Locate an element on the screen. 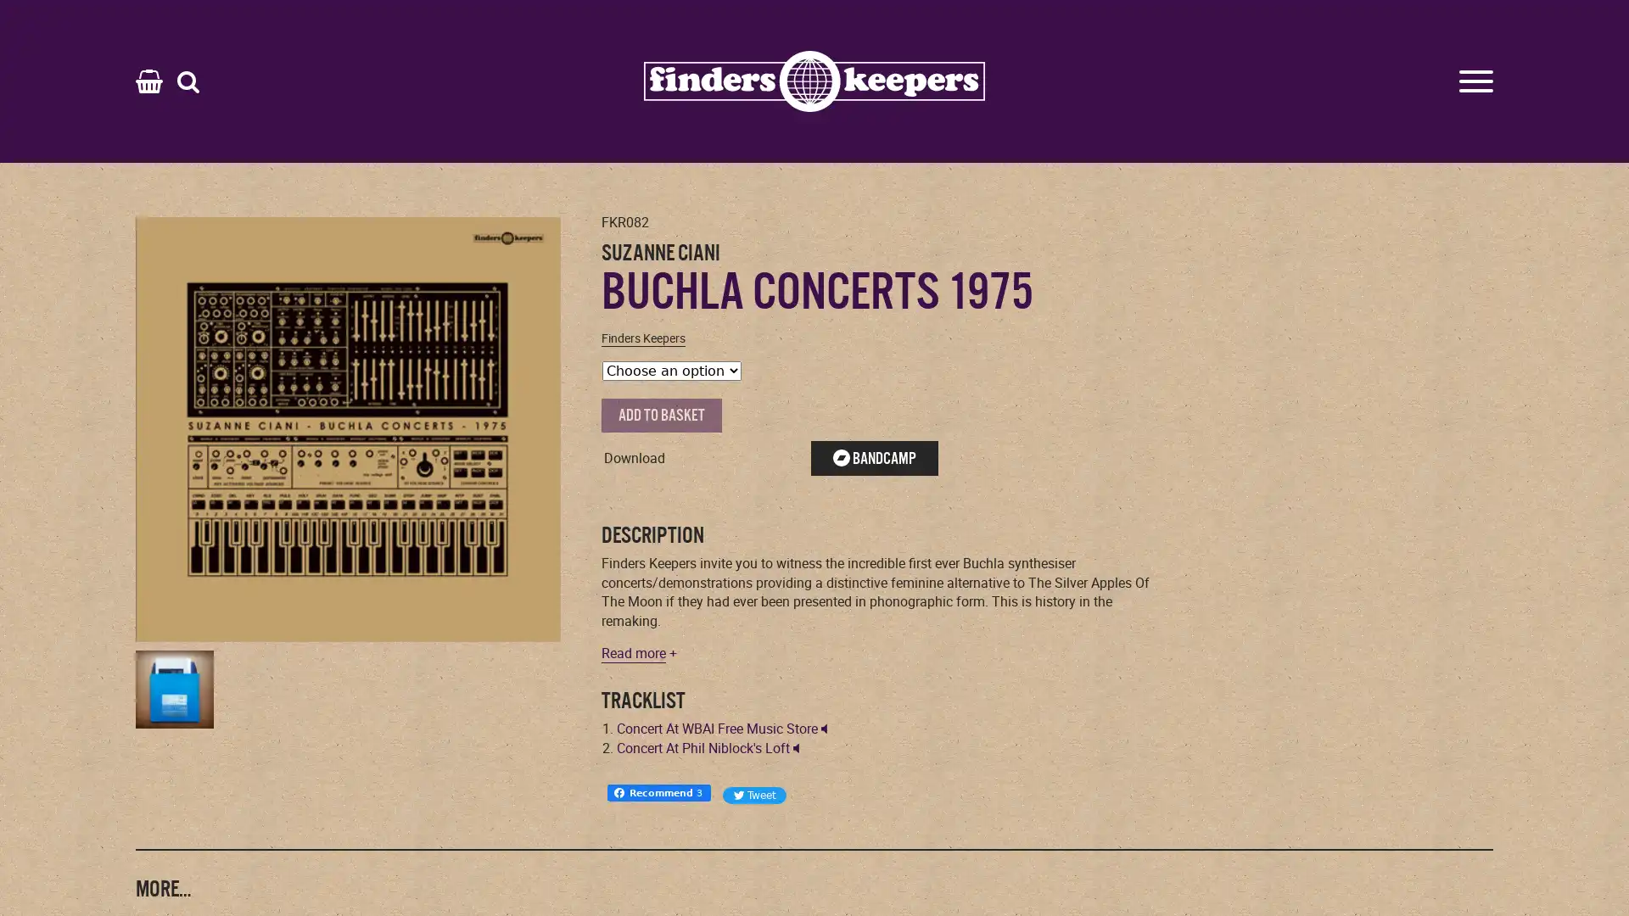 The image size is (1629, 916). ADD TO BASKET is located at coordinates (660, 415).